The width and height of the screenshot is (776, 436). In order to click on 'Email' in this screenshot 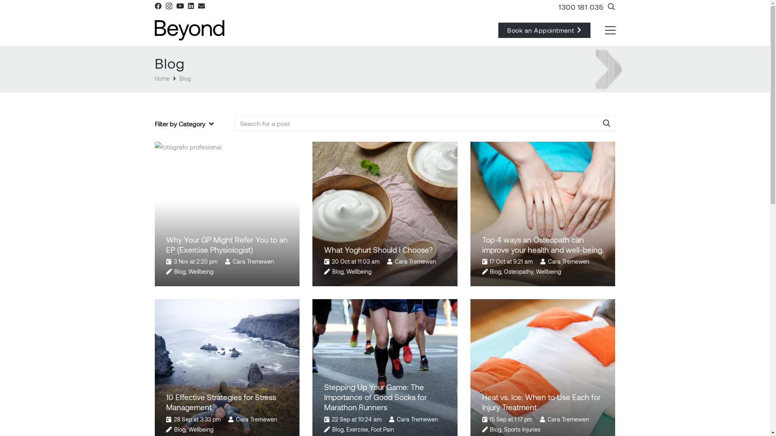, I will do `click(201, 6)`.